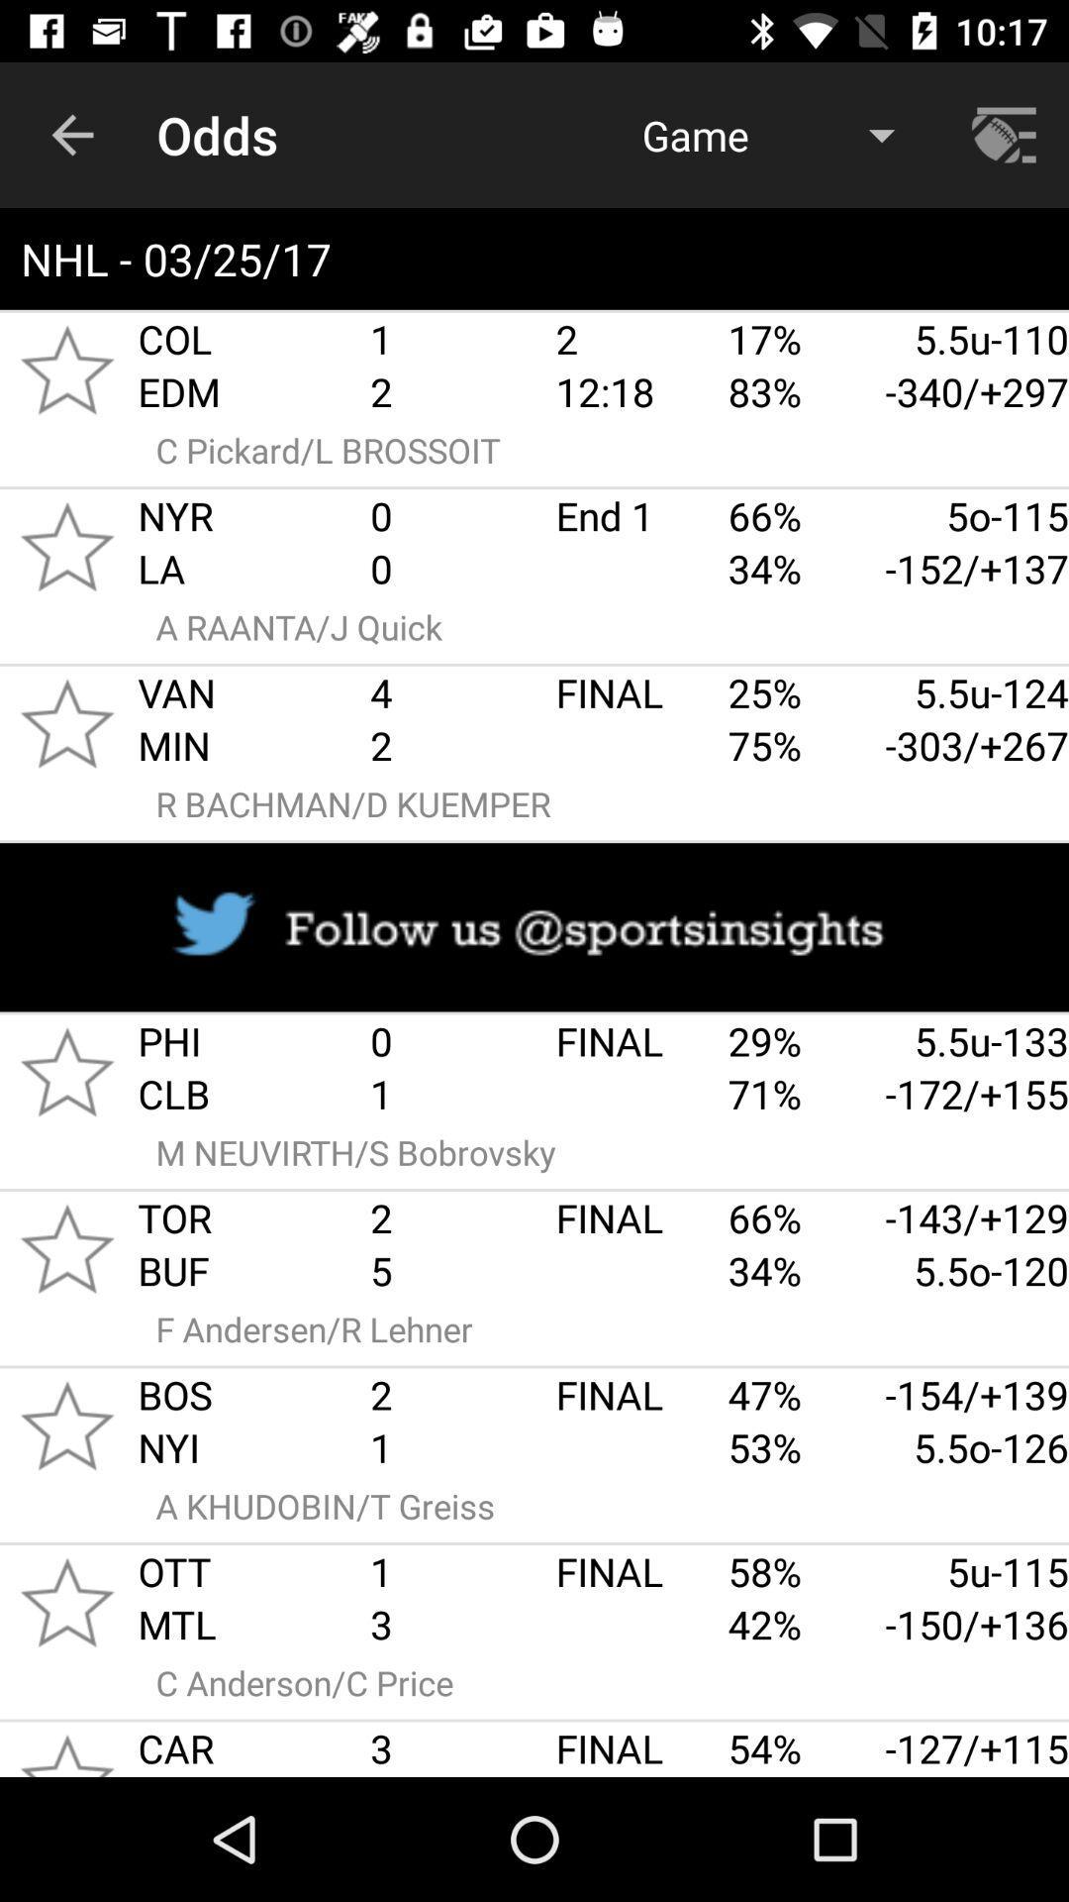 The height and width of the screenshot is (1902, 1069). Describe the element at coordinates (66, 370) in the screenshot. I see `favorites option` at that location.